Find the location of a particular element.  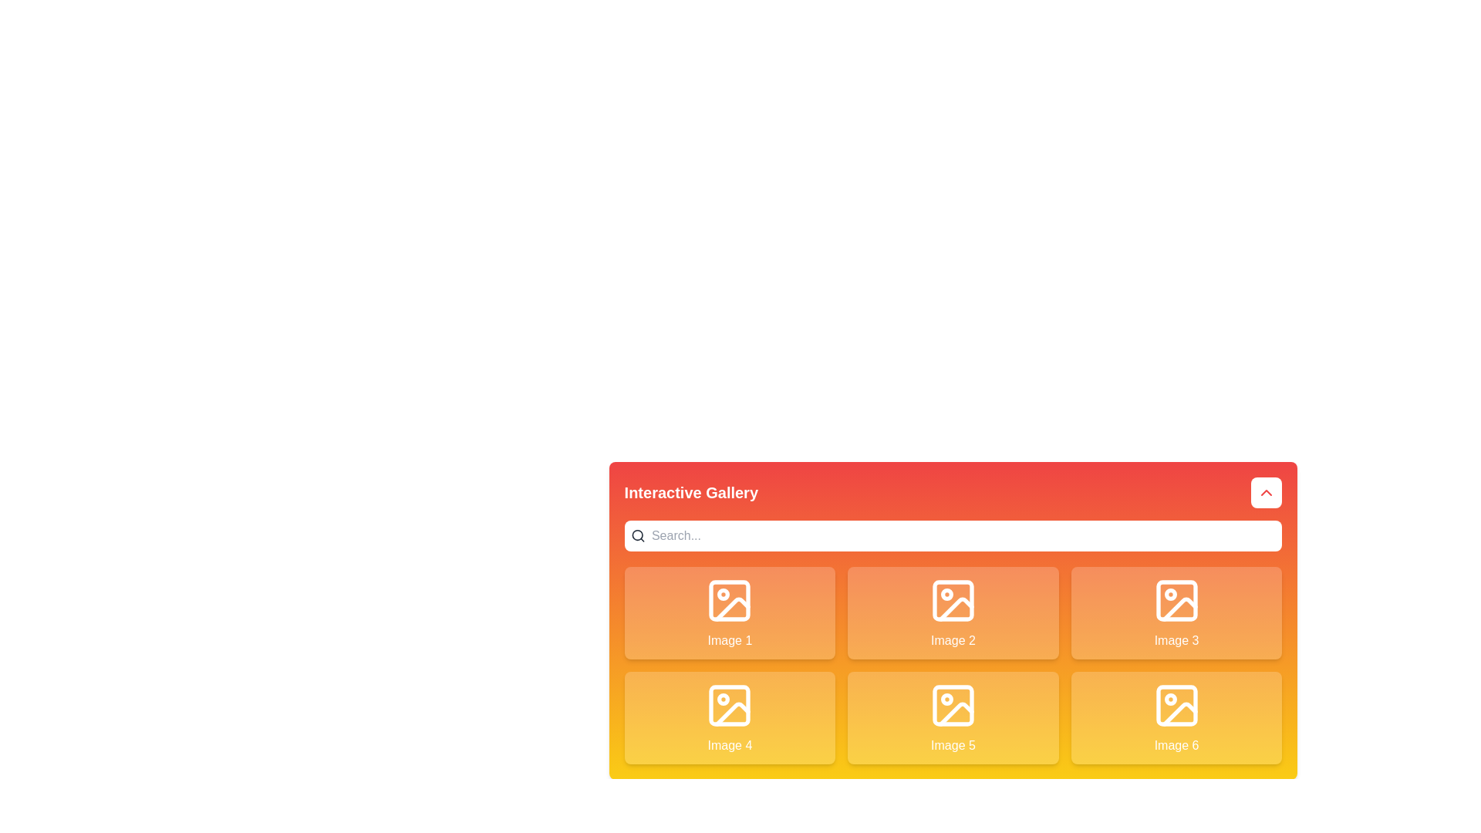

the button labeled 'Image 5', which is a rectangular card with a white image icon and a gradient orange to yellow background, located in the second row and second column of the grid is located at coordinates (952, 717).